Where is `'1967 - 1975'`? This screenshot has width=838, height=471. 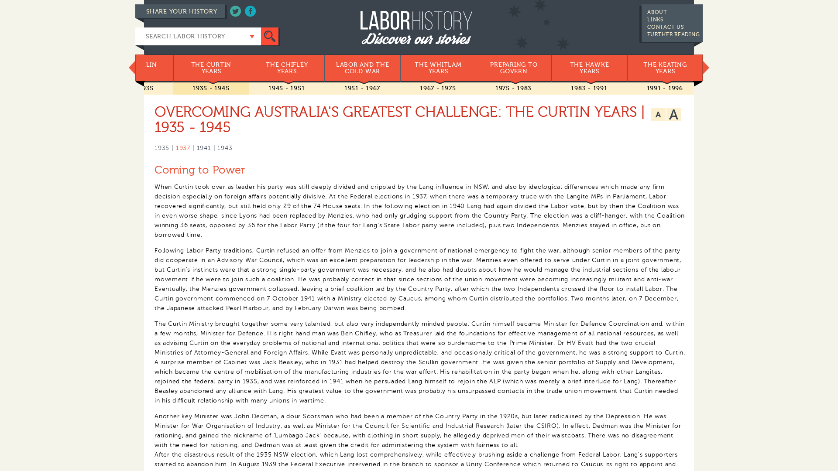 '1967 - 1975' is located at coordinates (438, 88).